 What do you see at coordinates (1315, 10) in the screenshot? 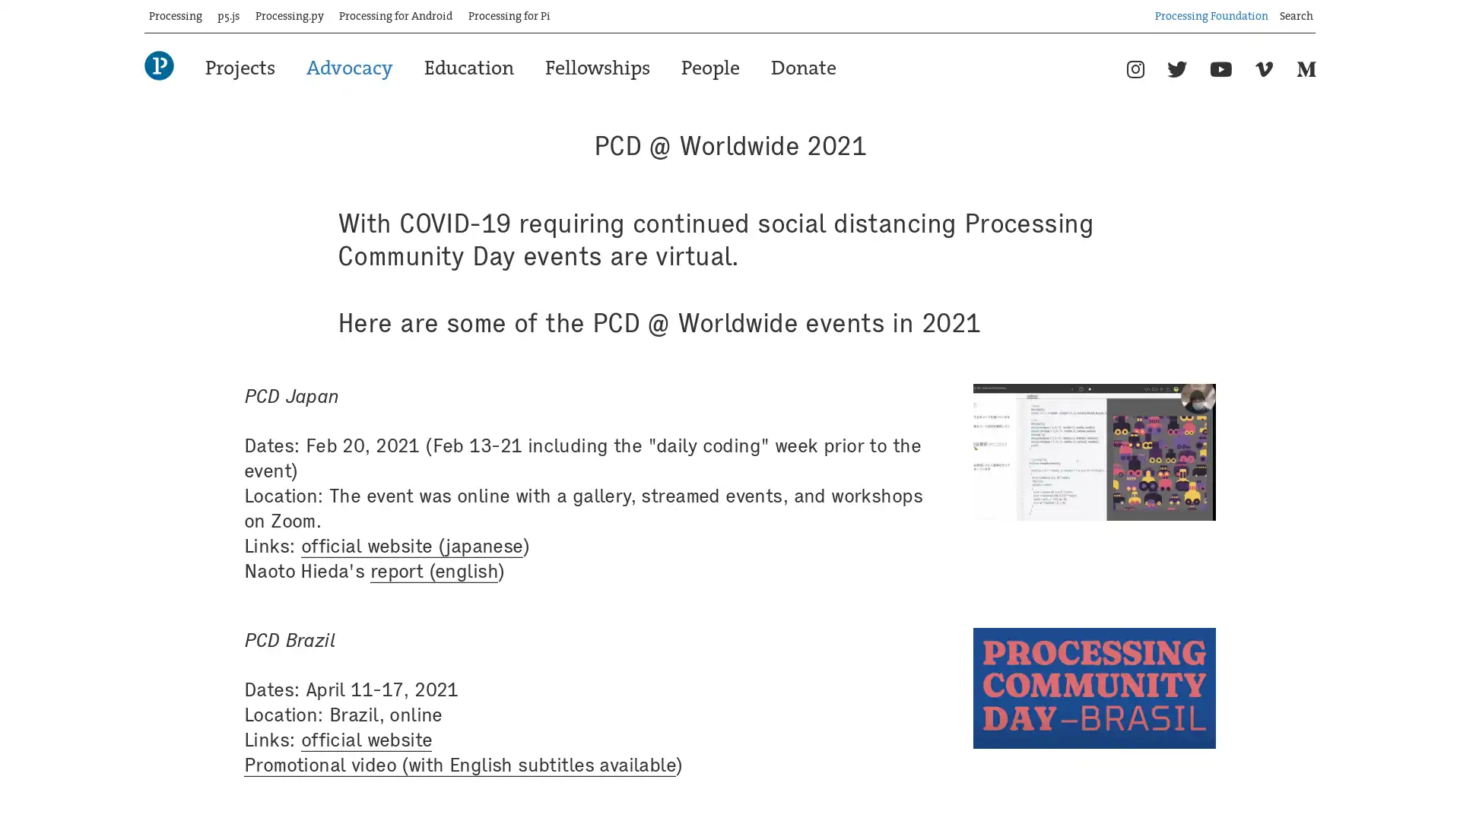
I see `Search` at bounding box center [1315, 10].